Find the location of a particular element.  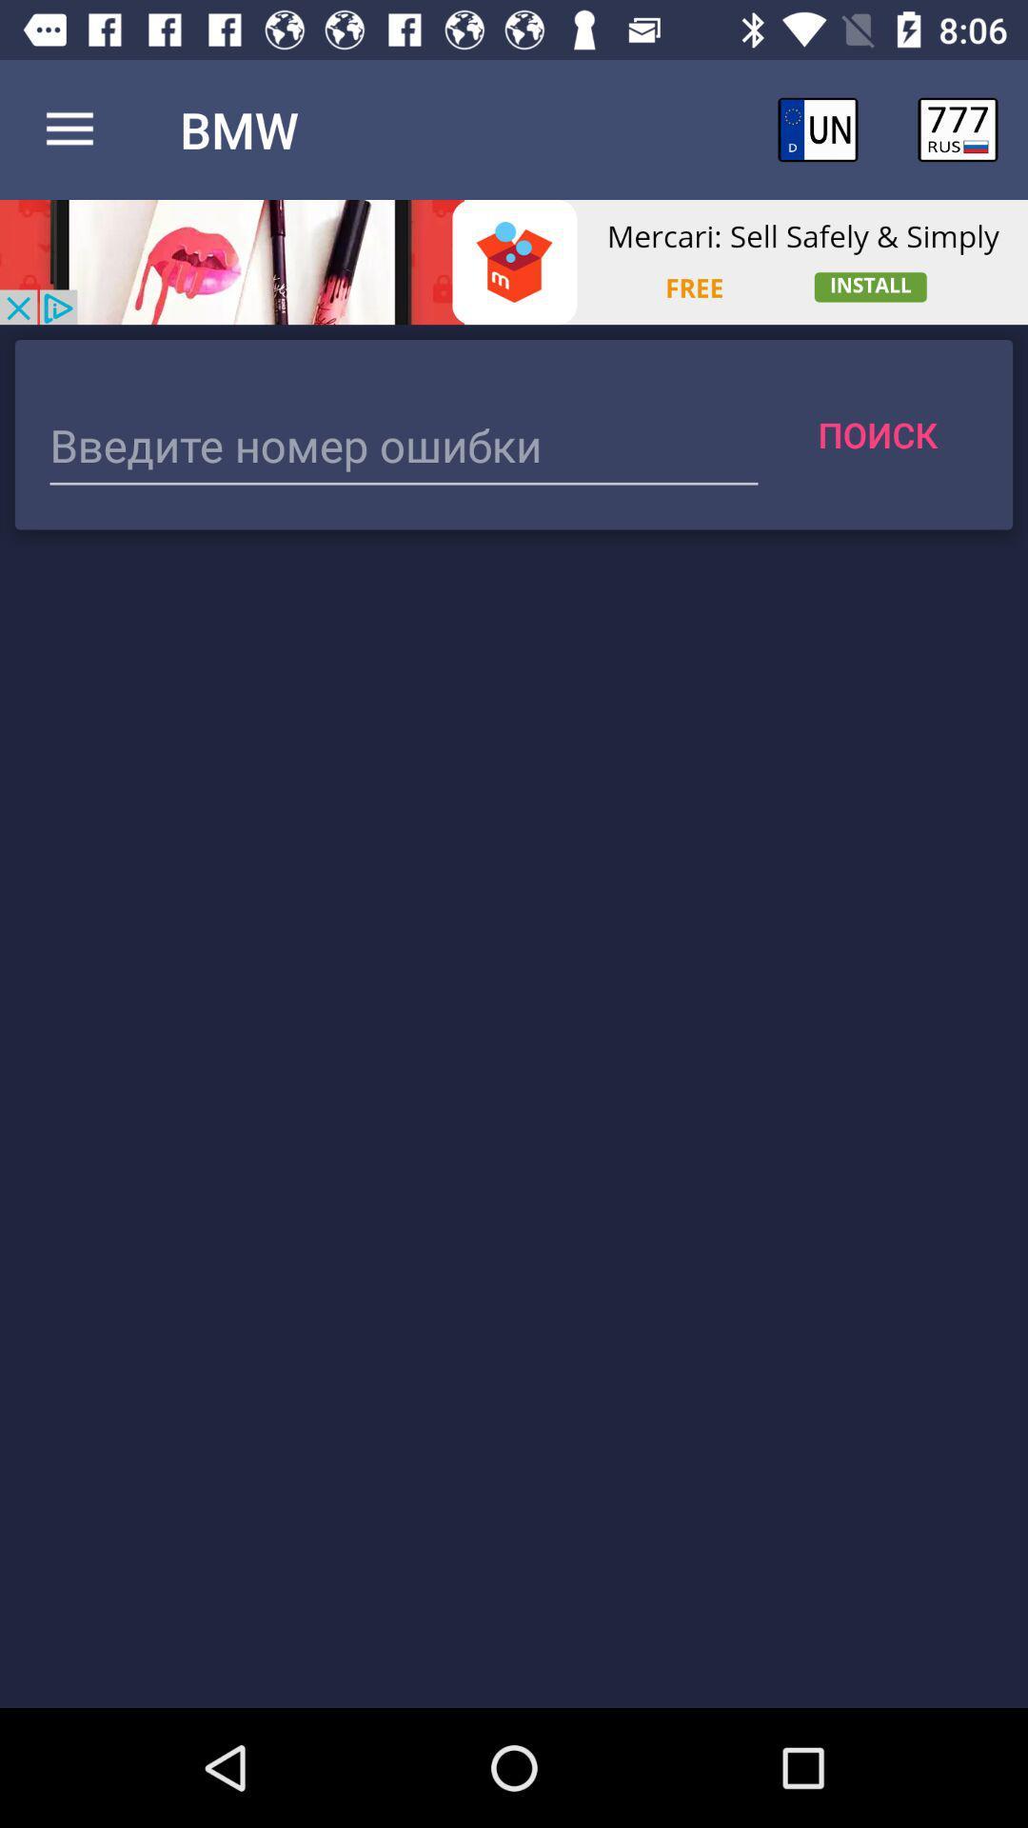

advertisement is located at coordinates (514, 261).